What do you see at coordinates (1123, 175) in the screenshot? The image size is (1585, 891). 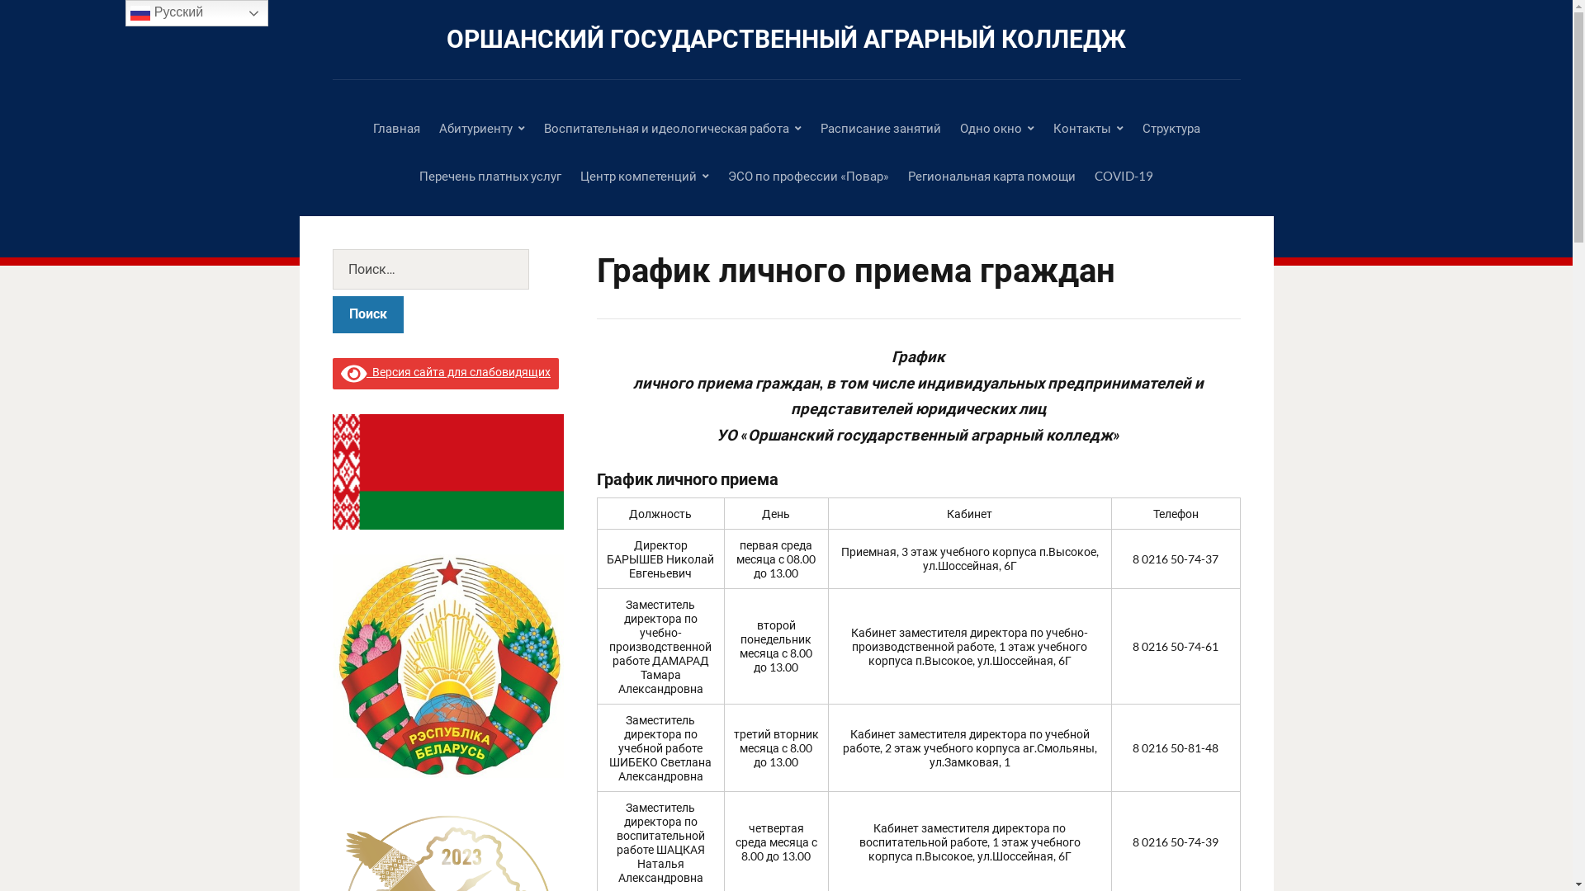 I see `'COVID-19'` at bounding box center [1123, 175].